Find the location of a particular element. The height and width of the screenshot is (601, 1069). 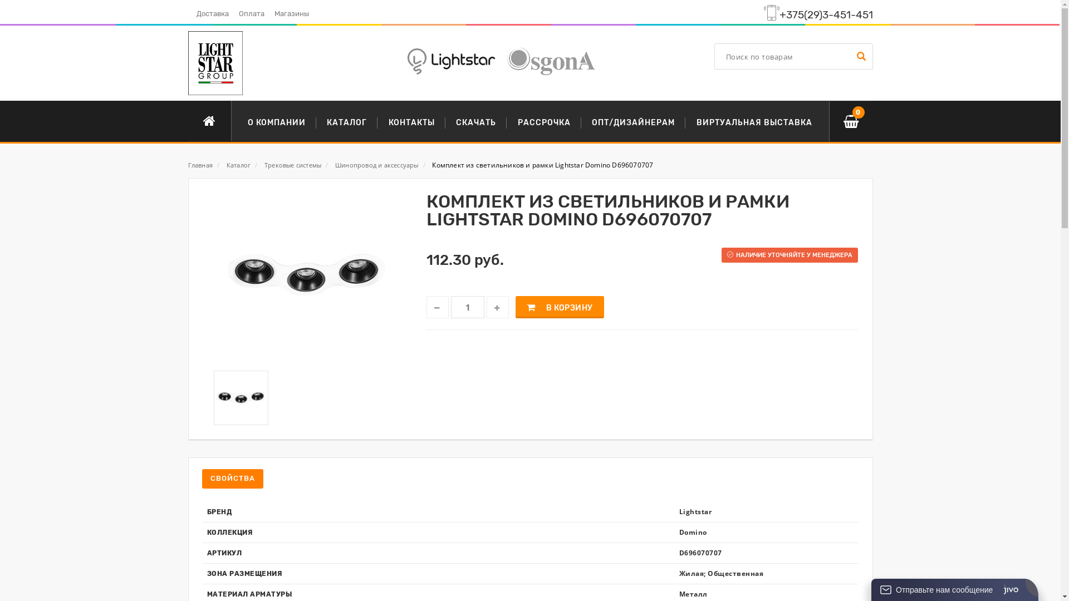

' ' is located at coordinates (437, 307).